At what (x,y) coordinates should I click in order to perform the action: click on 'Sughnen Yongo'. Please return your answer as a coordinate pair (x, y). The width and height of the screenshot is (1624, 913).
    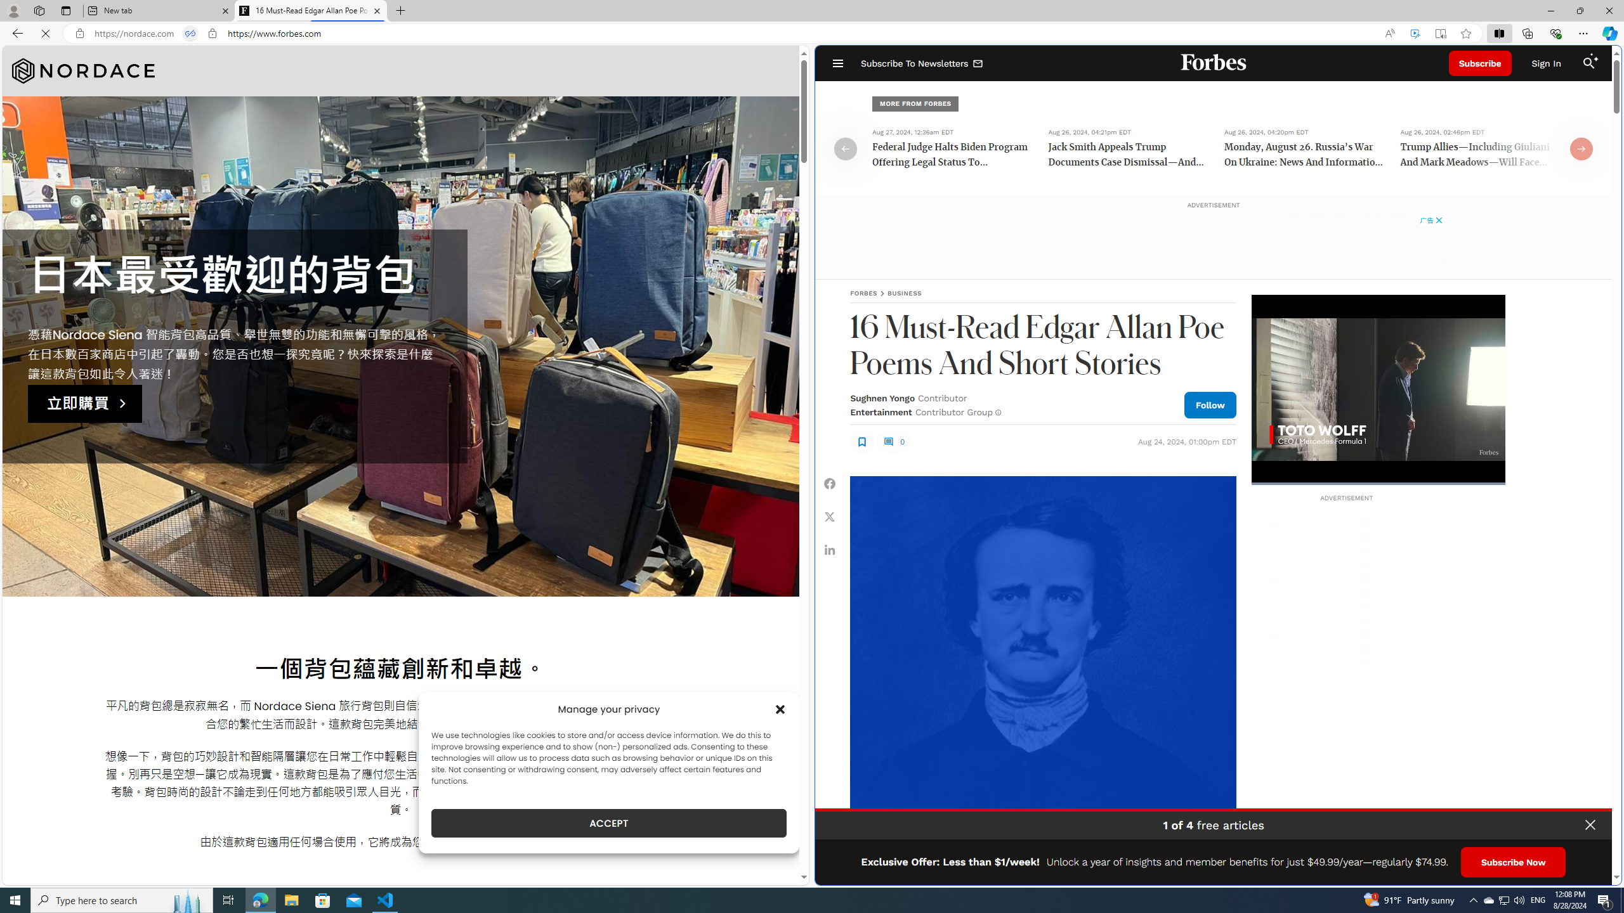
    Looking at the image, I should click on (882, 398).